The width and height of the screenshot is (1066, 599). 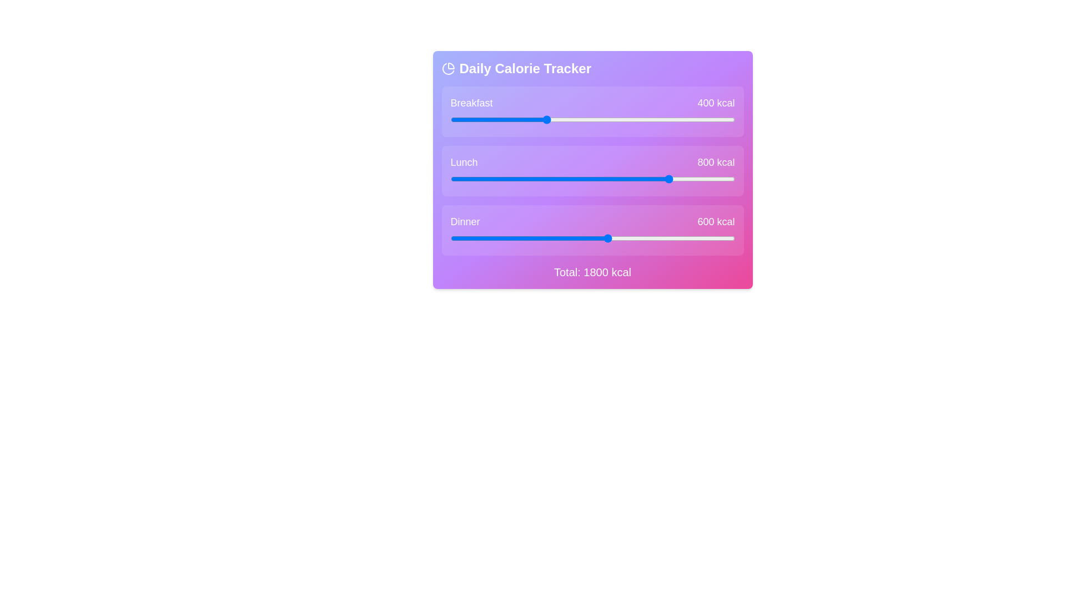 What do you see at coordinates (550, 120) in the screenshot?
I see `the breakfast calorie value` at bounding box center [550, 120].